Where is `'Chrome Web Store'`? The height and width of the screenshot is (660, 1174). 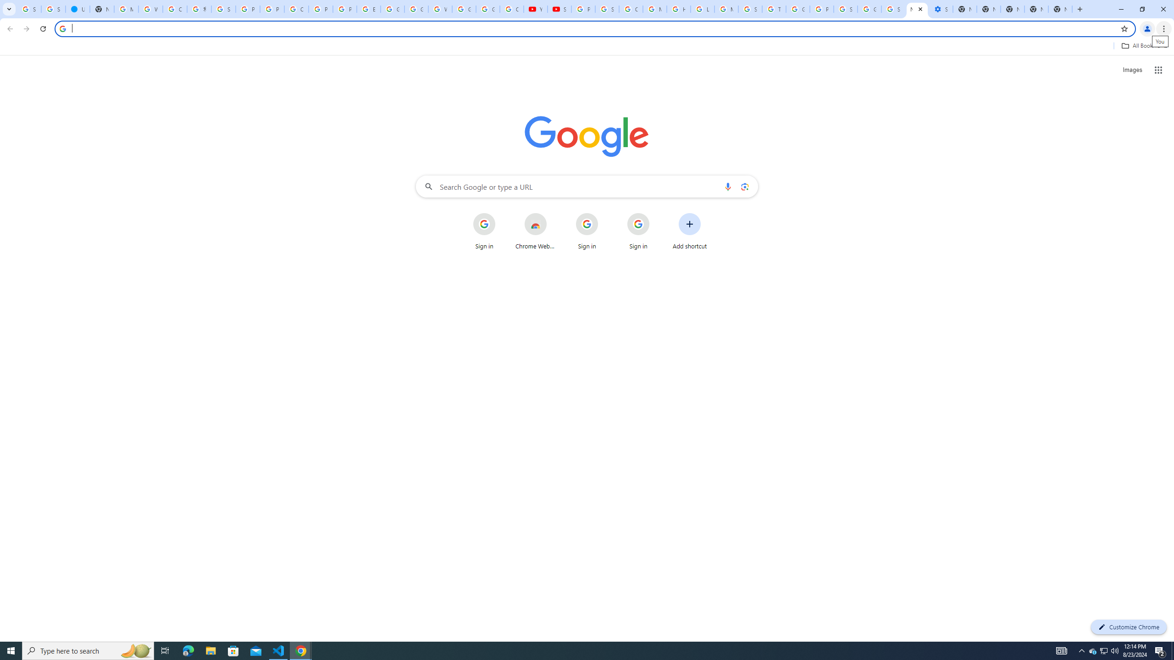
'Chrome Web Store' is located at coordinates (535, 231).